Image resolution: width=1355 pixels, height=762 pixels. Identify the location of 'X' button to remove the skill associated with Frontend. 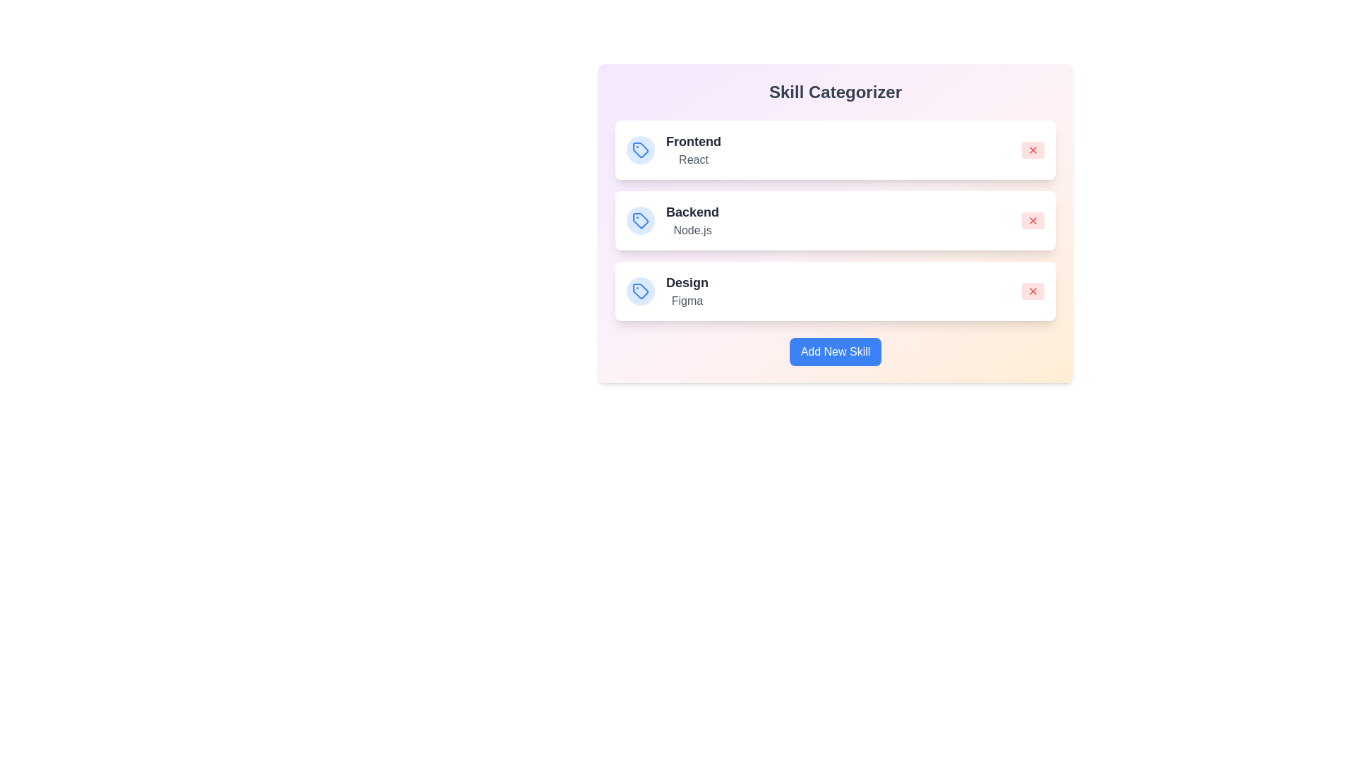
(1033, 150).